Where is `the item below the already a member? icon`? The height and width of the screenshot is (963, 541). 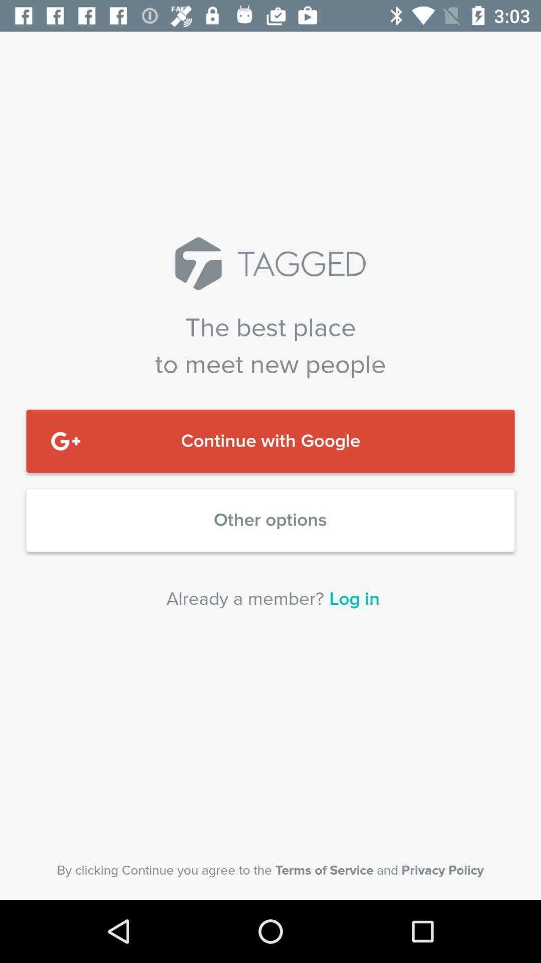
the item below the already a member? icon is located at coordinates (270, 870).